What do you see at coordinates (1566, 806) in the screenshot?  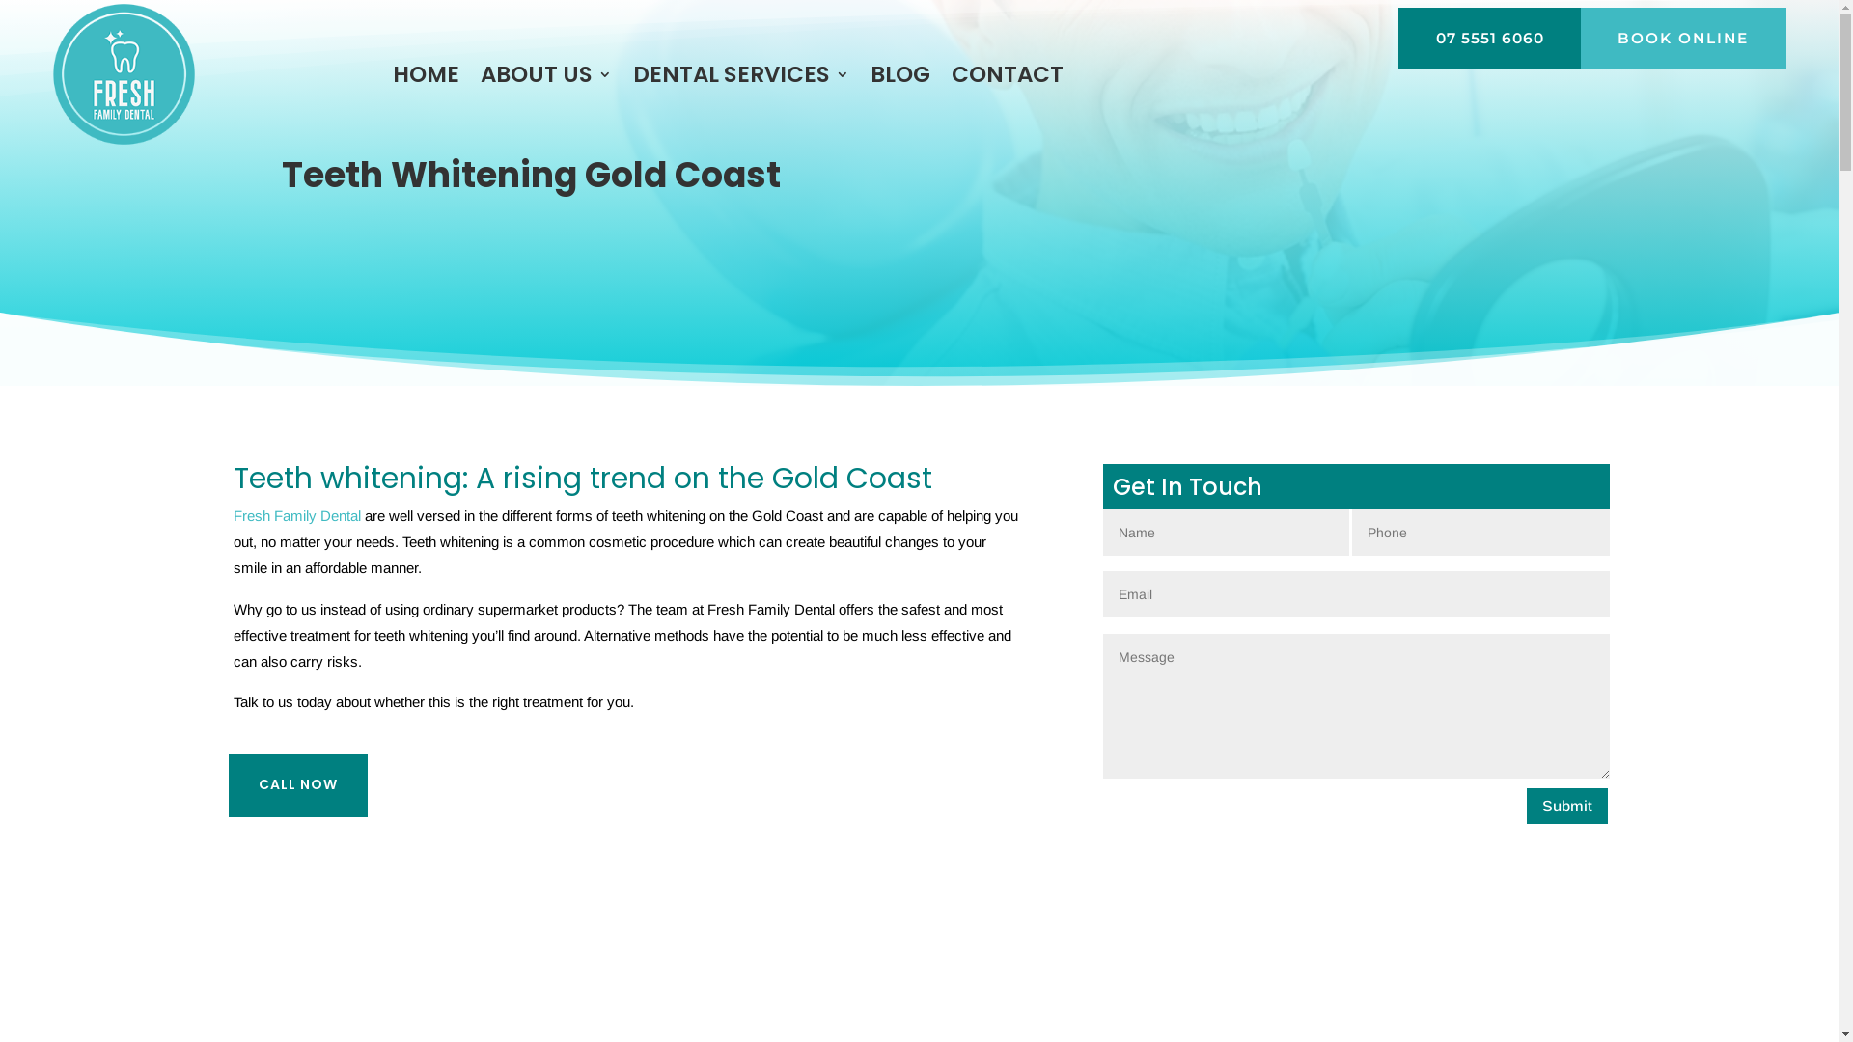 I see `'Submit'` at bounding box center [1566, 806].